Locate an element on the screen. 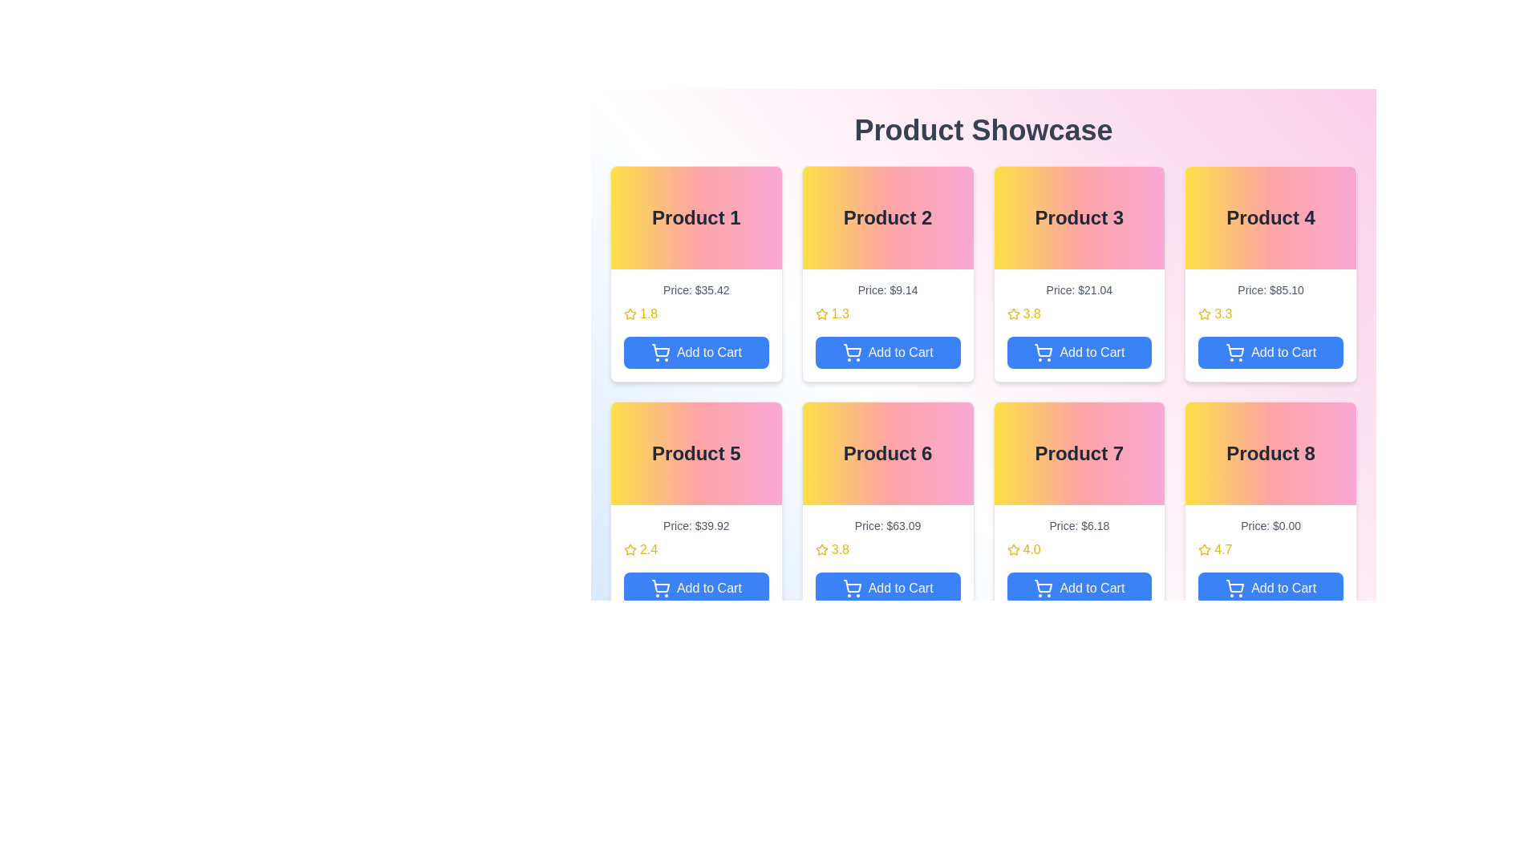  the 'Add to Cart' icon for 'Product 8', which is located within the blue 'Add to Cart' button at the bottom-right corner of the product showcase grid is located at coordinates (1234, 588).